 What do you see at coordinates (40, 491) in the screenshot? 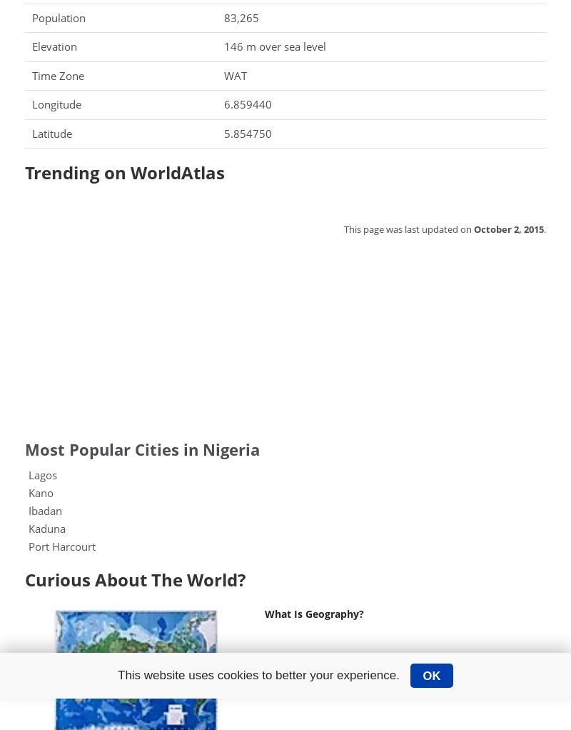
I see `'Kano'` at bounding box center [40, 491].